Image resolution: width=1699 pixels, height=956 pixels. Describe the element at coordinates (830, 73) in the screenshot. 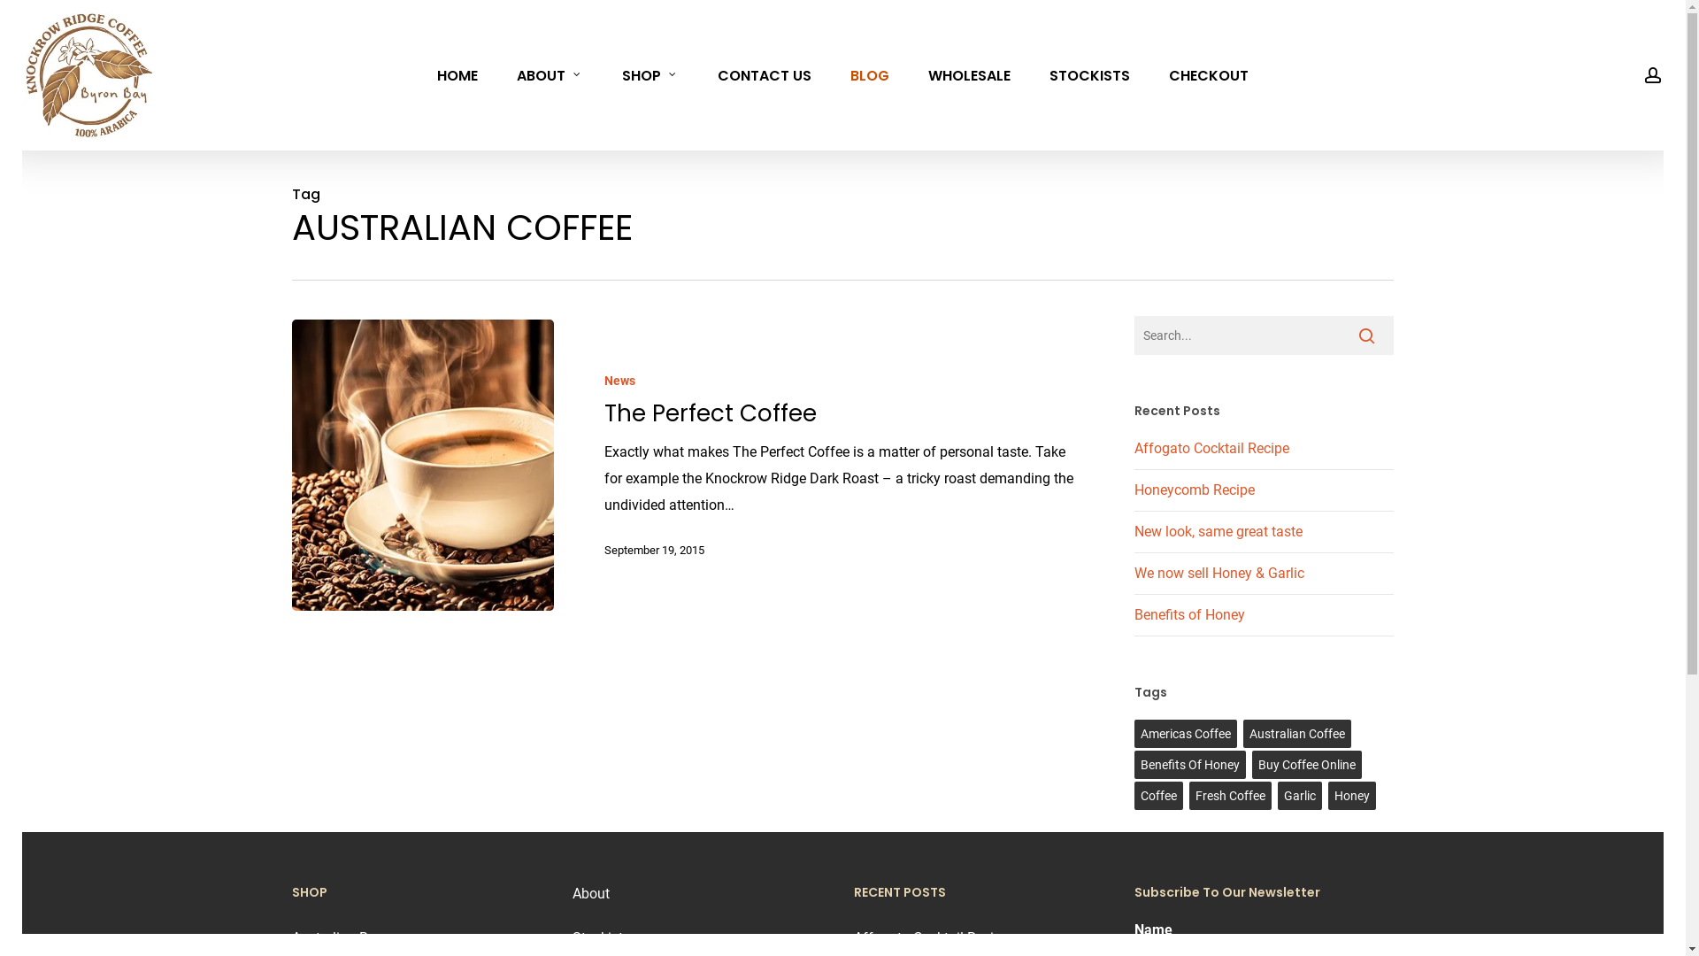

I see `'BLOG'` at that location.